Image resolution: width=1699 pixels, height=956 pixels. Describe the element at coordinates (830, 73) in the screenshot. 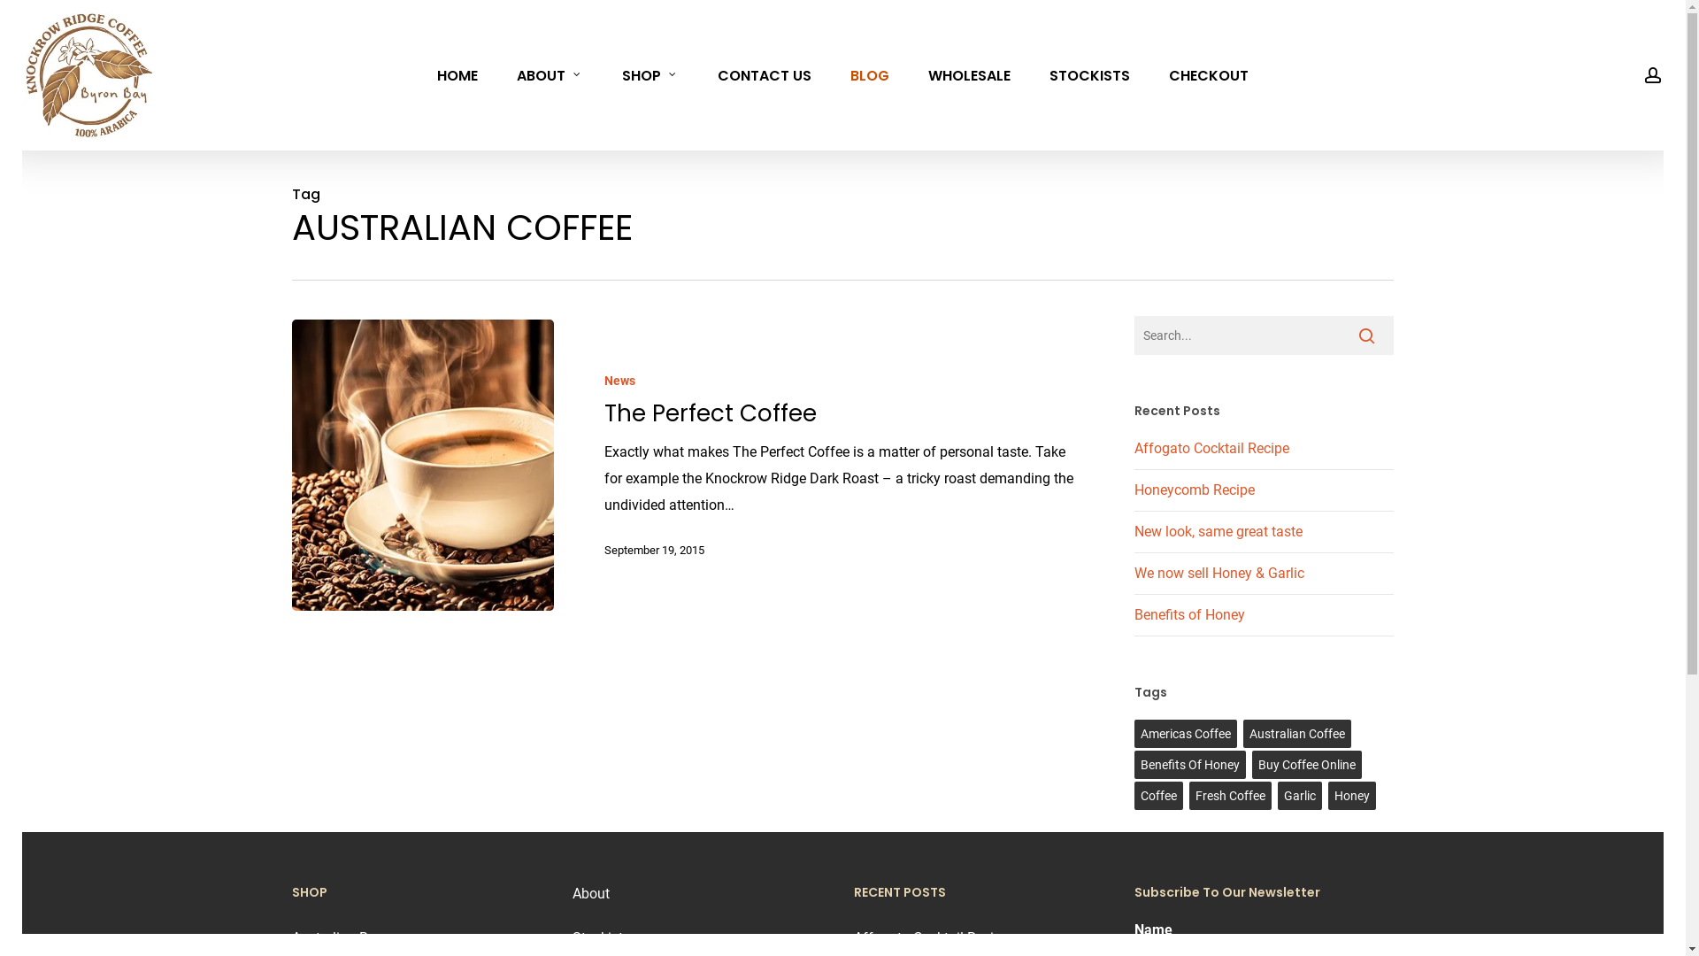

I see `'BLOG'` at that location.